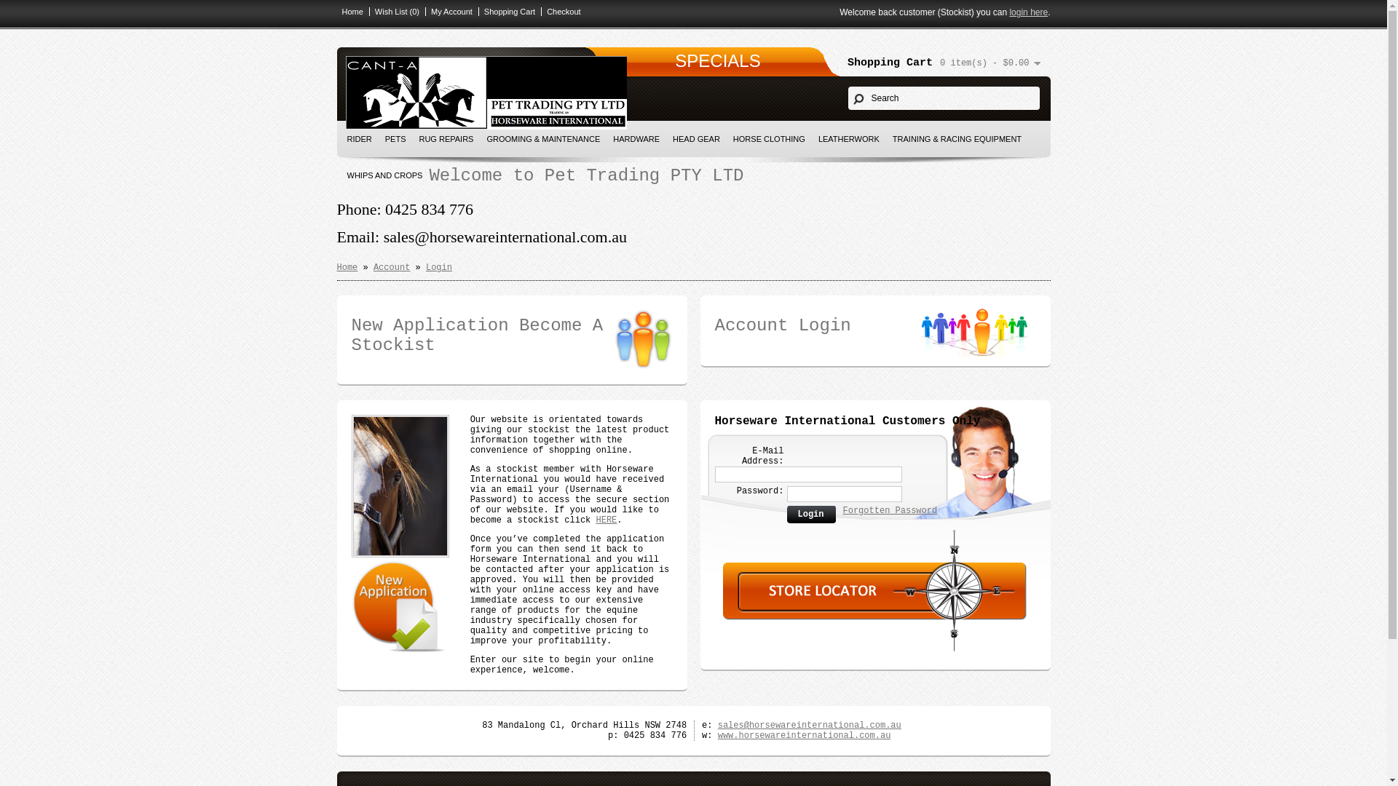  What do you see at coordinates (990, 63) in the screenshot?
I see `'0 item(s) - $0.00'` at bounding box center [990, 63].